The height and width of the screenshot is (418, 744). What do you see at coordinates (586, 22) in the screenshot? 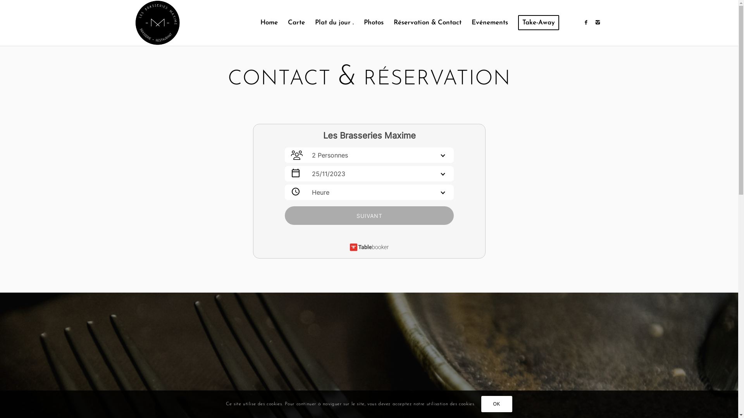
I see `'Facebook'` at bounding box center [586, 22].